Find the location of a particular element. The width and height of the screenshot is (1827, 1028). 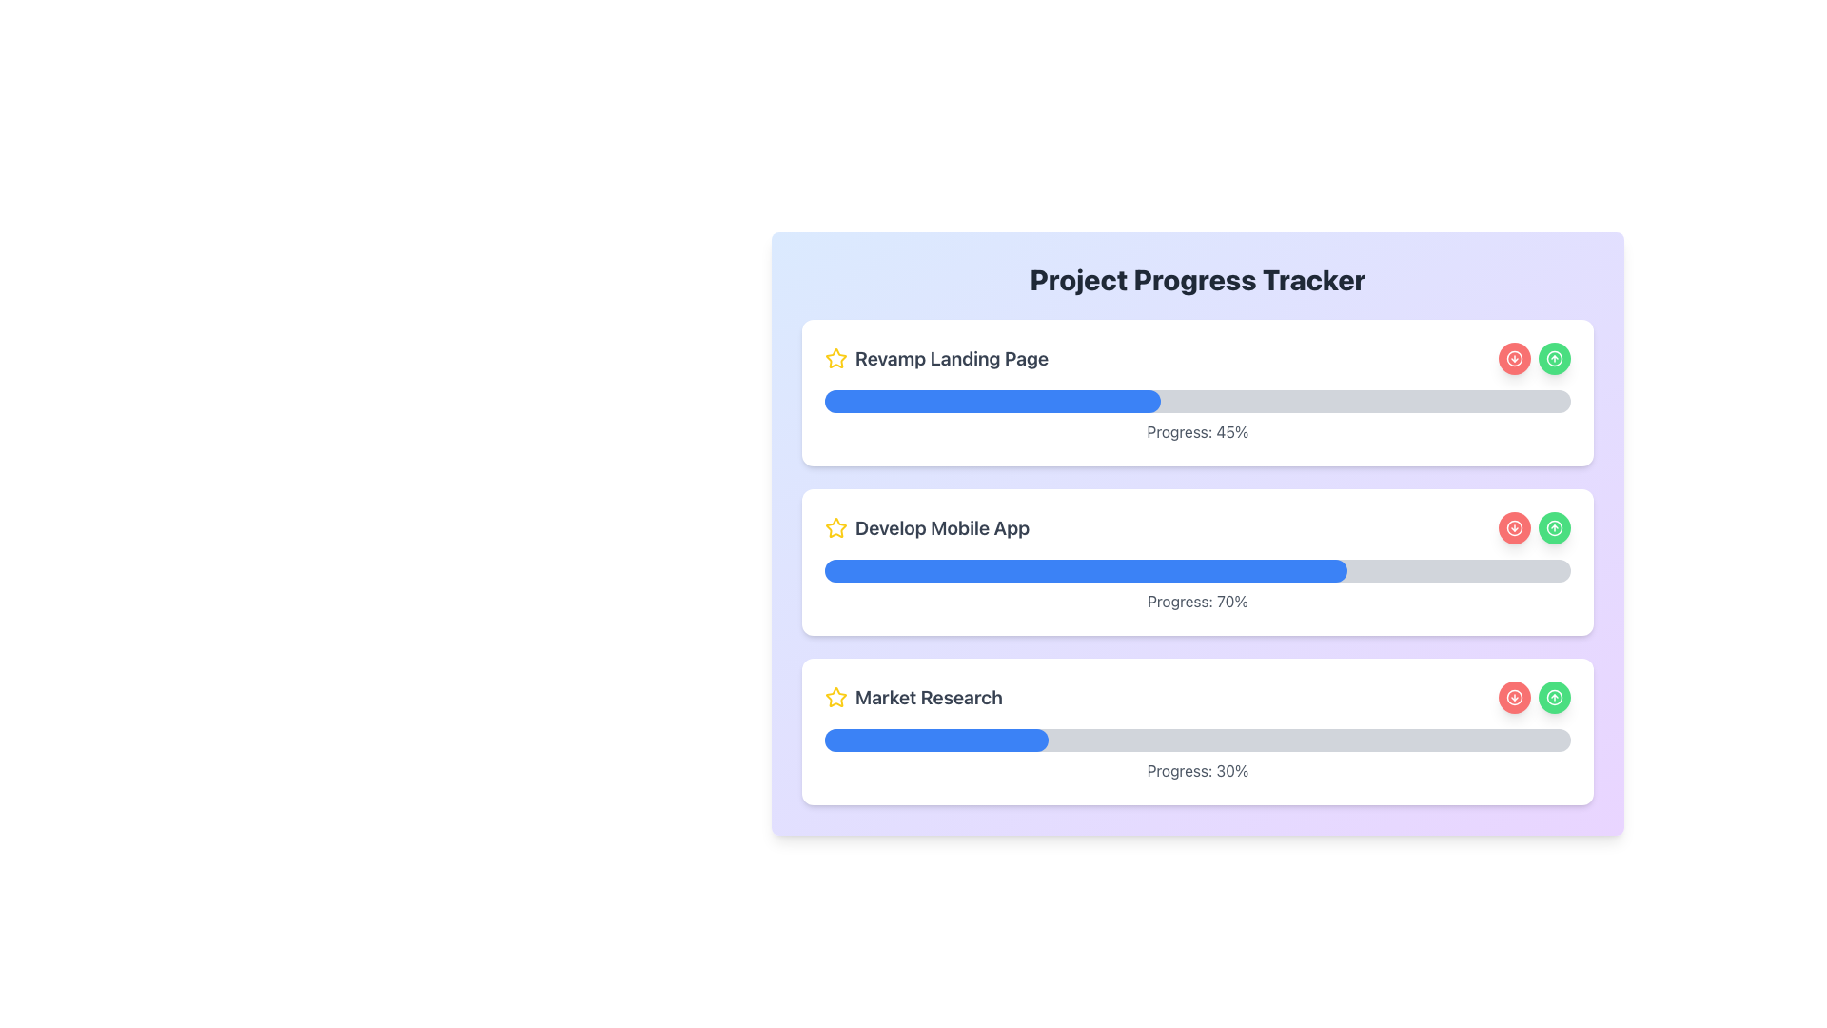

the 'Market Research' Text Label, which displays the progress (30%) is located at coordinates (1196, 771).